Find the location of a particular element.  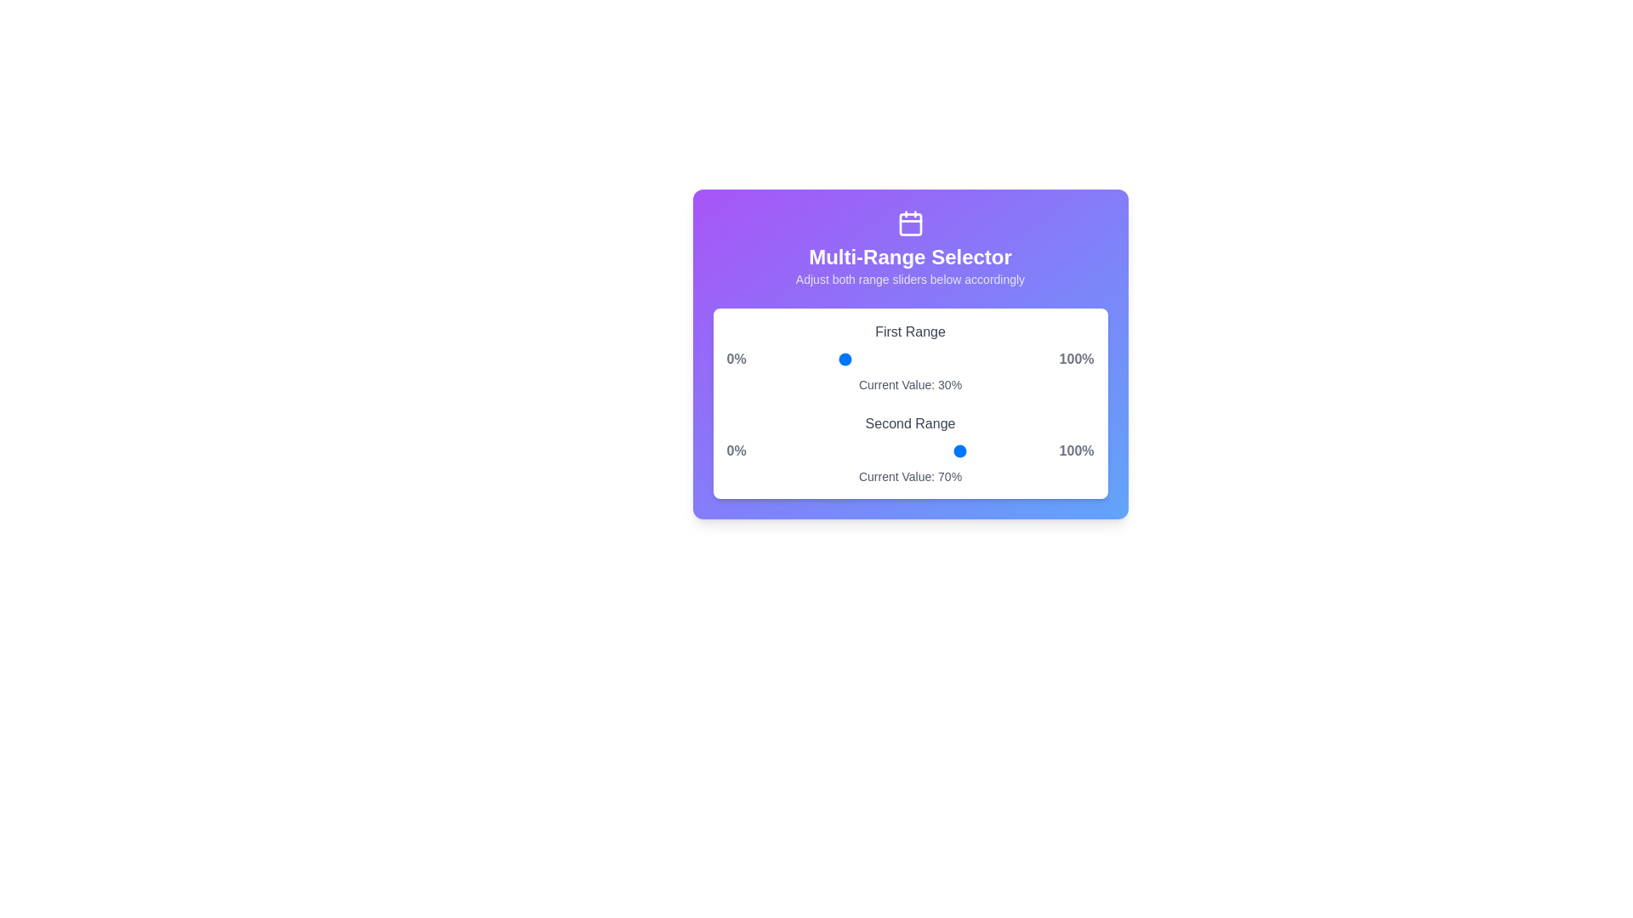

the second range slider is located at coordinates (806, 450).